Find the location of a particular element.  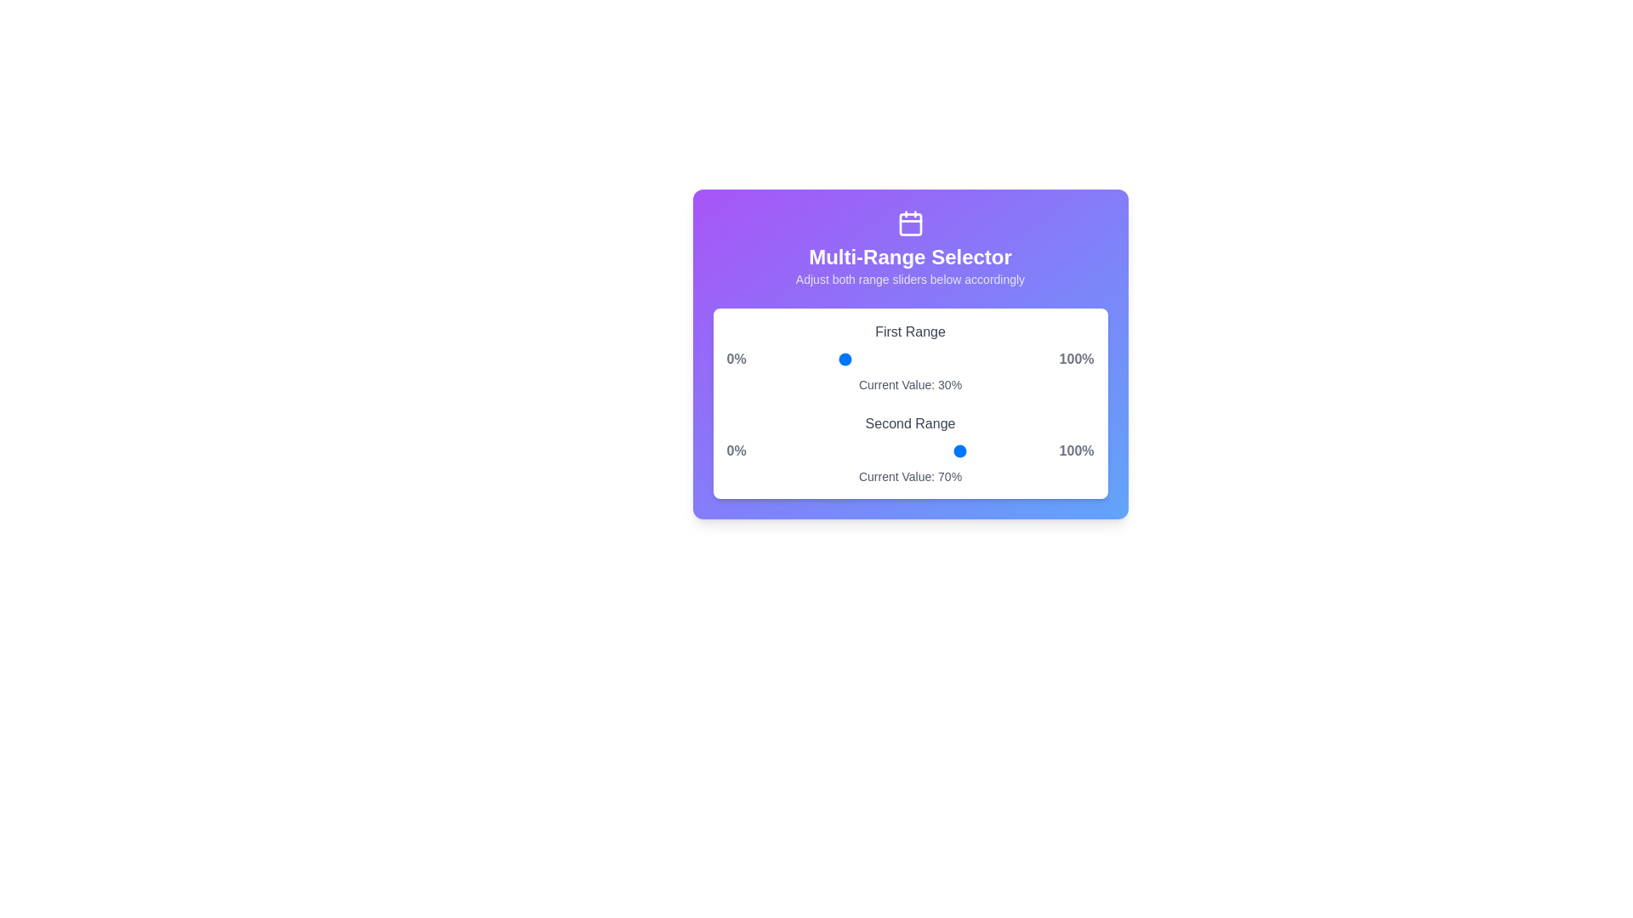

the second range slider is located at coordinates (806, 450).